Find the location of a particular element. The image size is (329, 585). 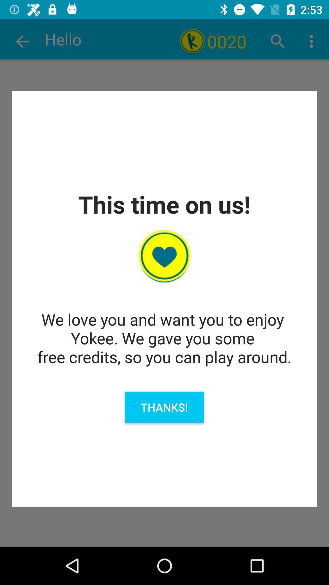

thanks! is located at coordinates (164, 407).